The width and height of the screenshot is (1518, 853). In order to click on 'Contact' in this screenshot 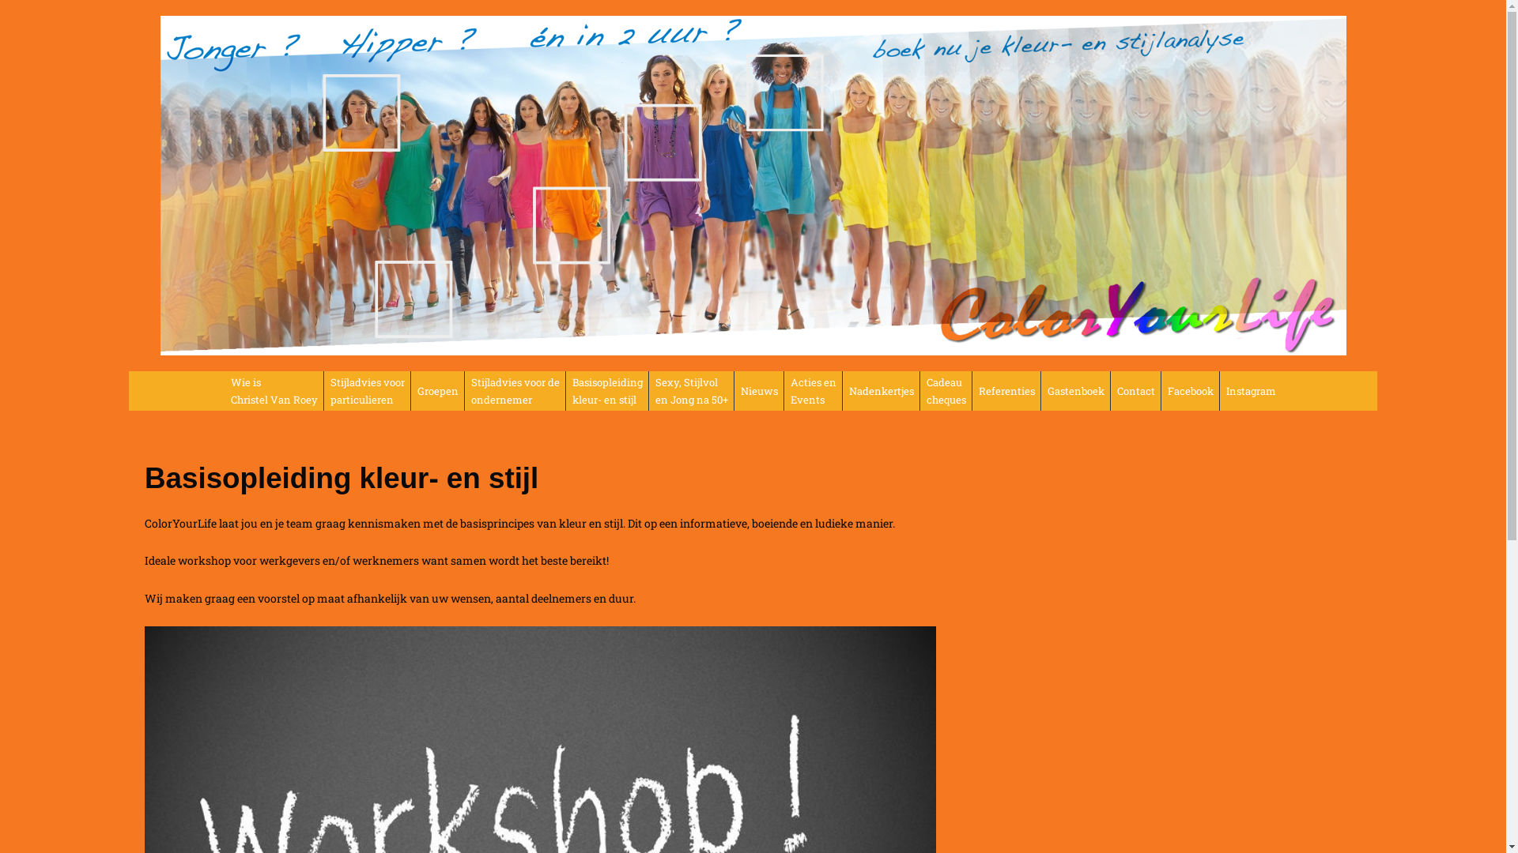, I will do `click(1135, 390)`.